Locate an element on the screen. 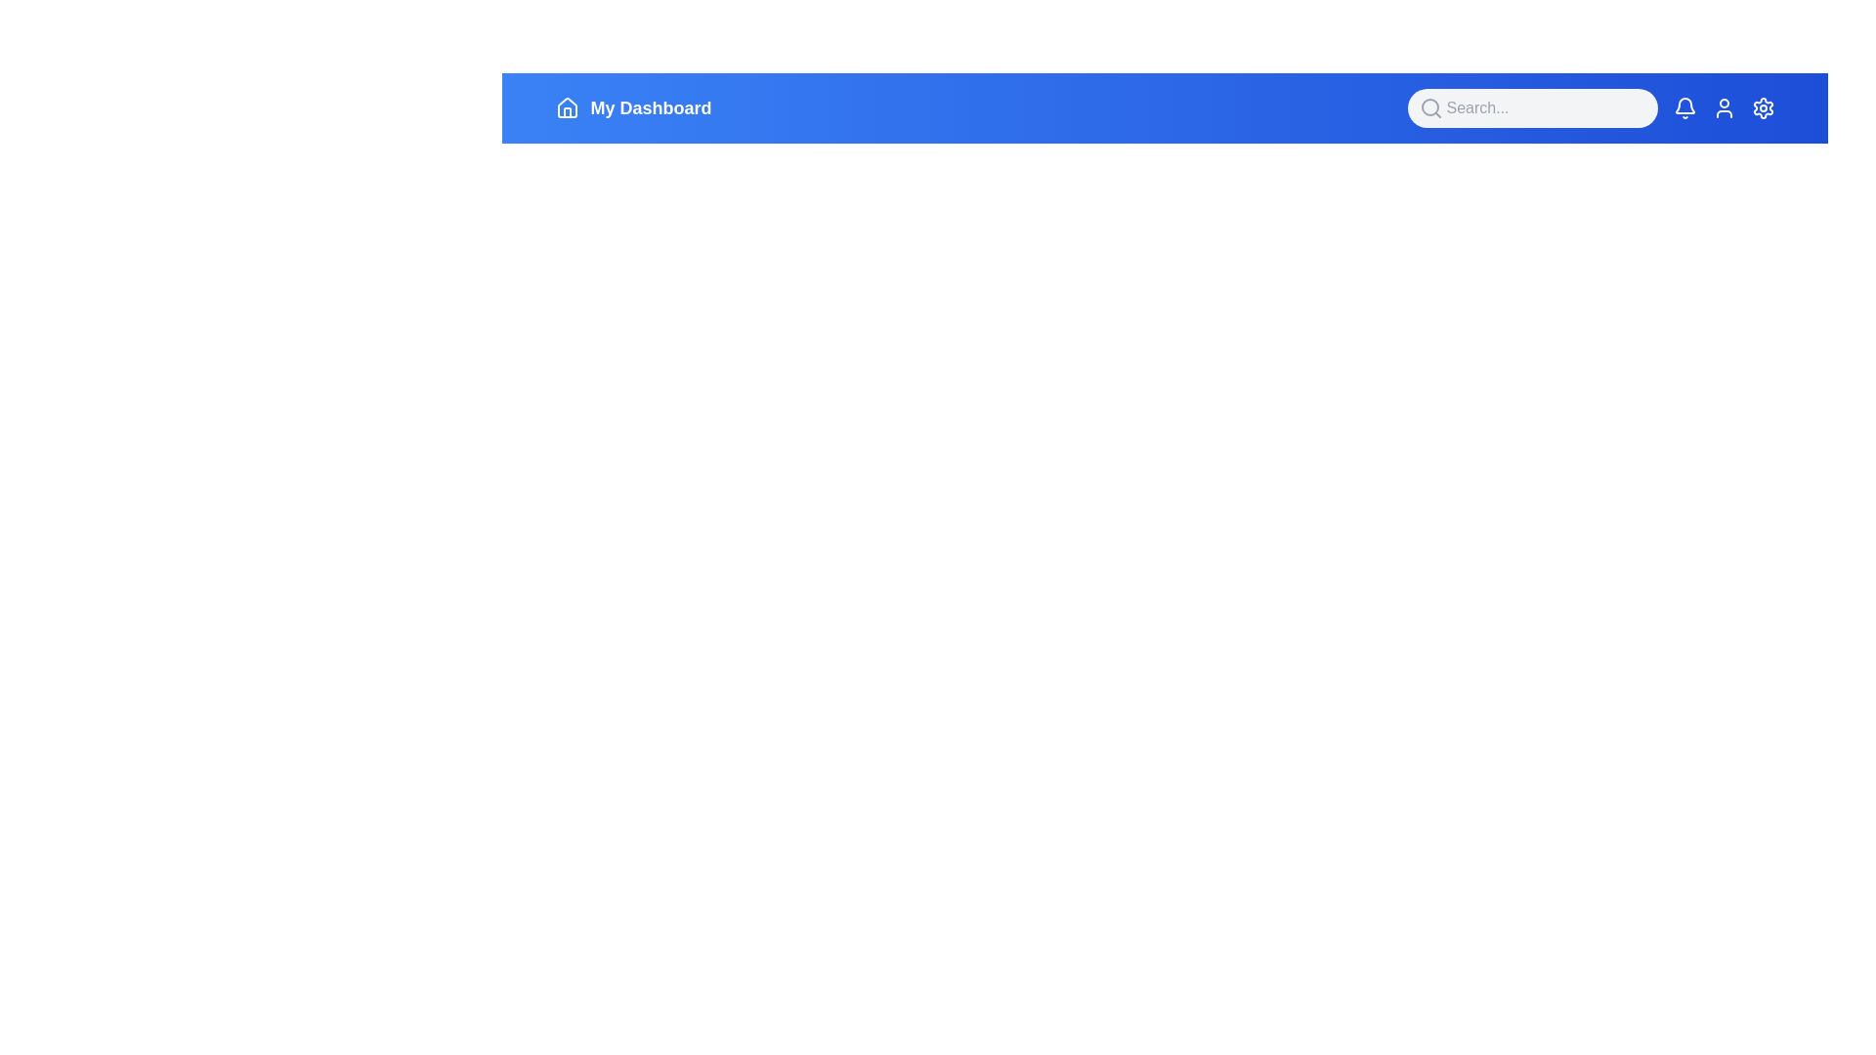  the notification icon to view notifications is located at coordinates (1684, 108).